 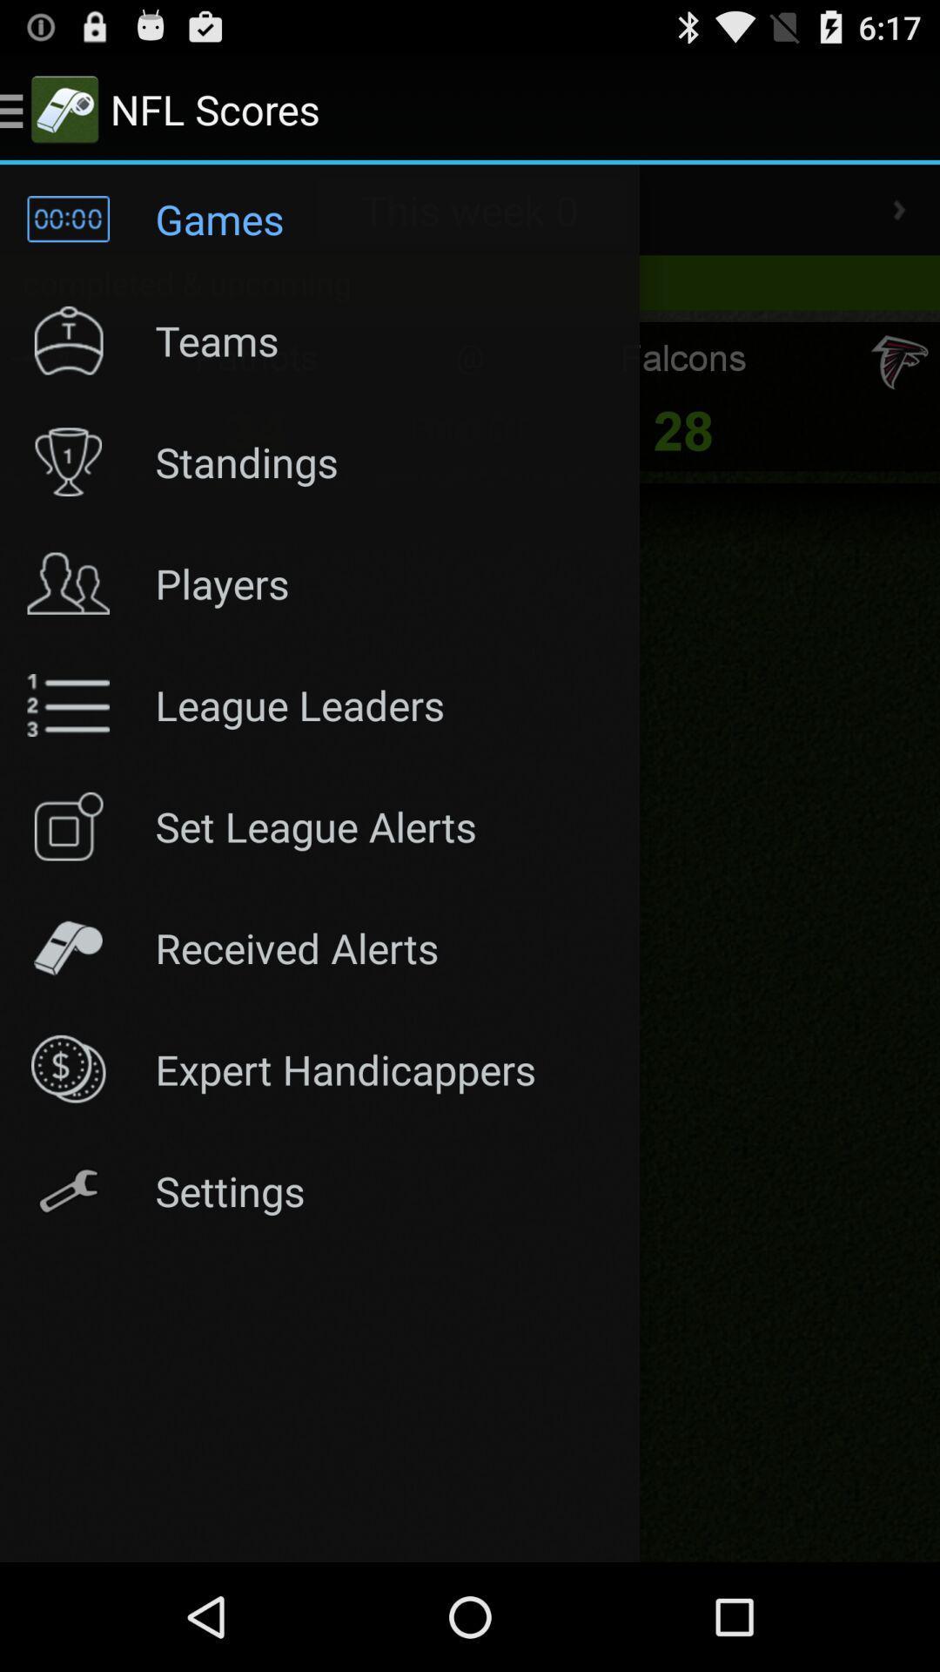 What do you see at coordinates (899, 209) in the screenshot?
I see `next page` at bounding box center [899, 209].